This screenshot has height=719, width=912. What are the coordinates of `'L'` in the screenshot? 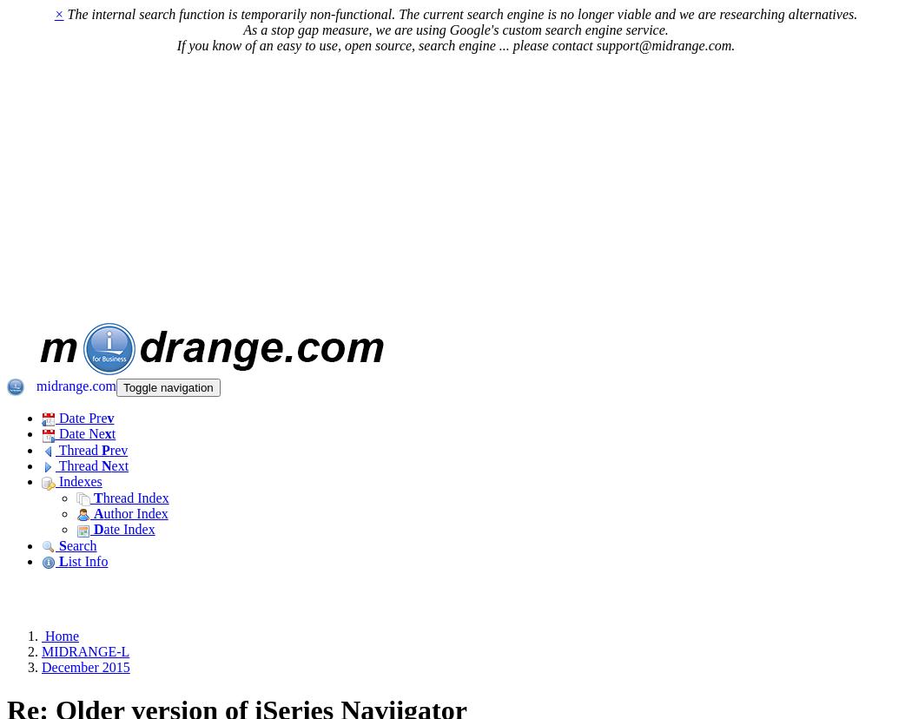 It's located at (62, 560).